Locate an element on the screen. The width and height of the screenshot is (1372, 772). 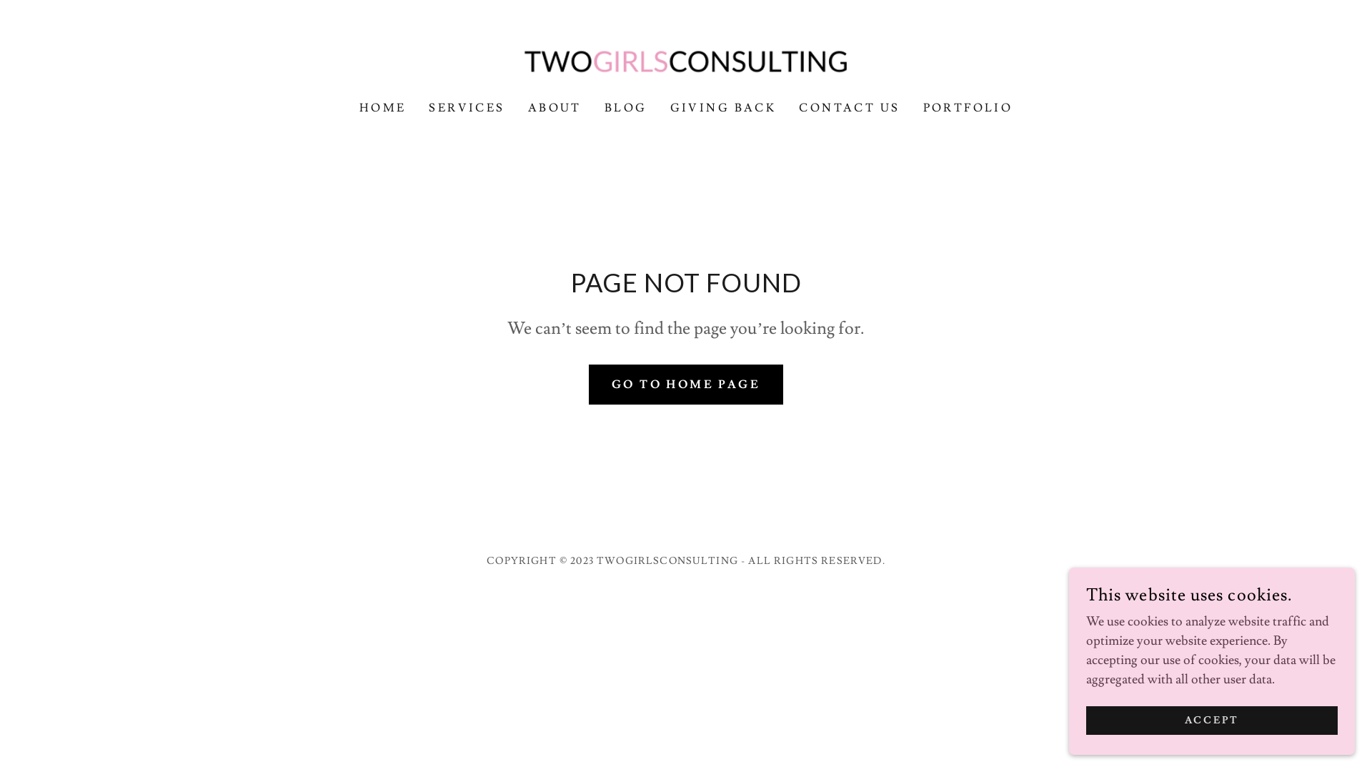
'ABOUT' is located at coordinates (554, 107).